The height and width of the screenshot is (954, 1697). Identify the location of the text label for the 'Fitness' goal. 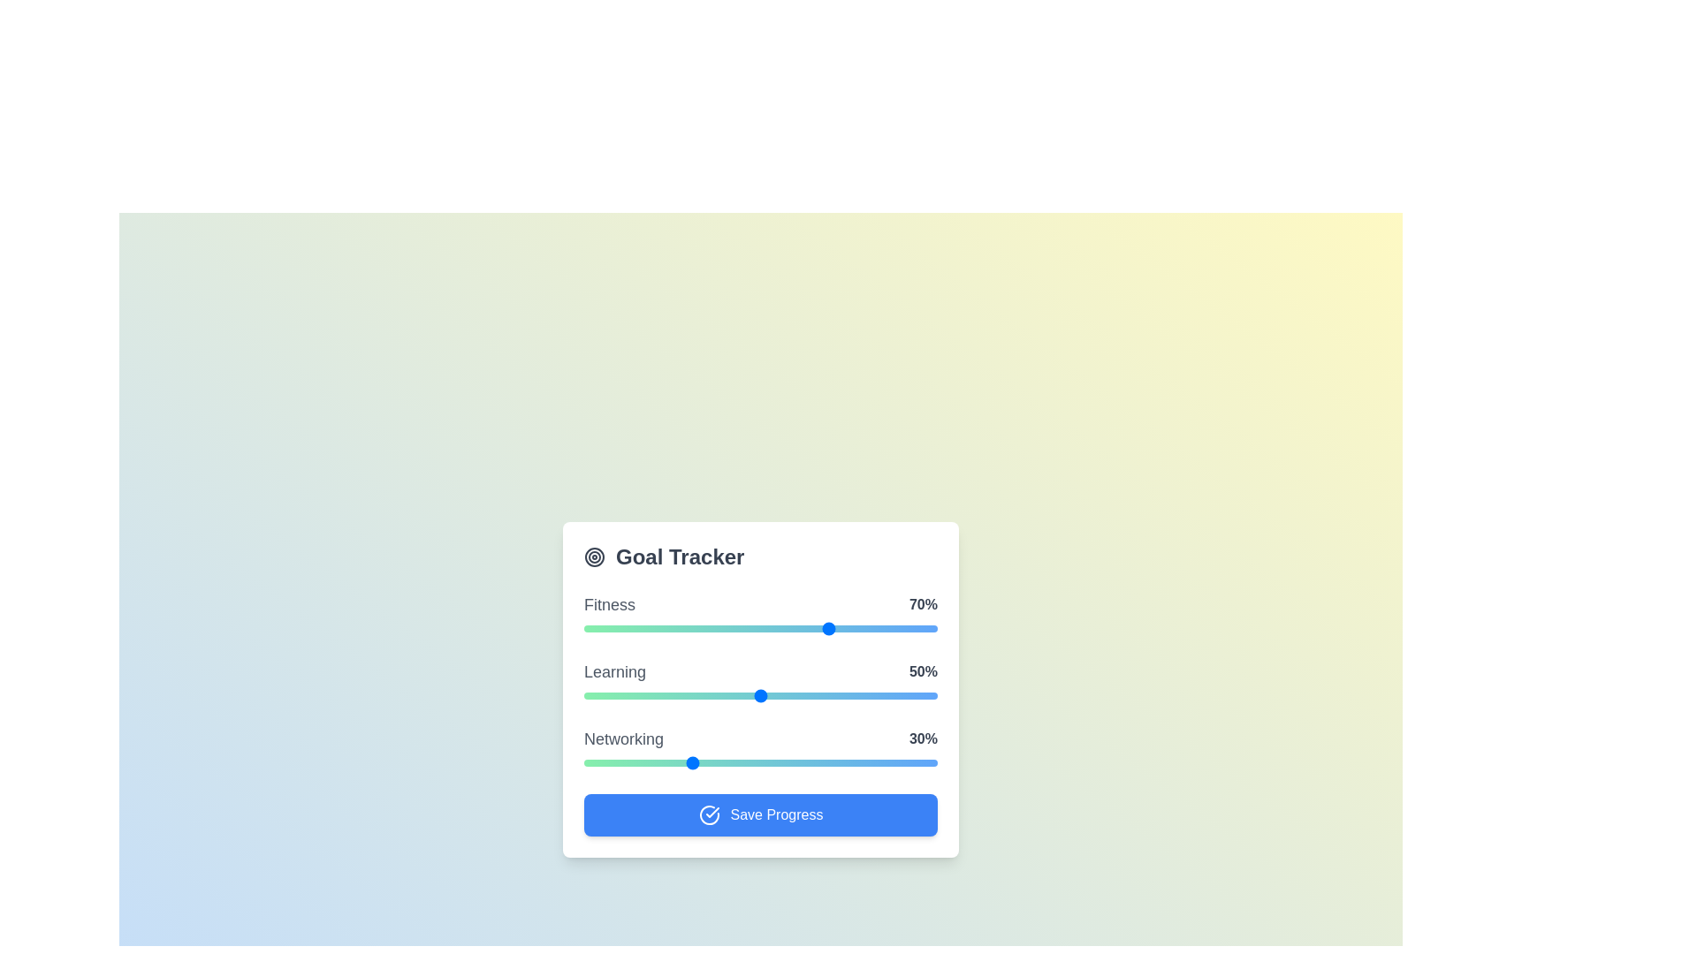
(584, 593).